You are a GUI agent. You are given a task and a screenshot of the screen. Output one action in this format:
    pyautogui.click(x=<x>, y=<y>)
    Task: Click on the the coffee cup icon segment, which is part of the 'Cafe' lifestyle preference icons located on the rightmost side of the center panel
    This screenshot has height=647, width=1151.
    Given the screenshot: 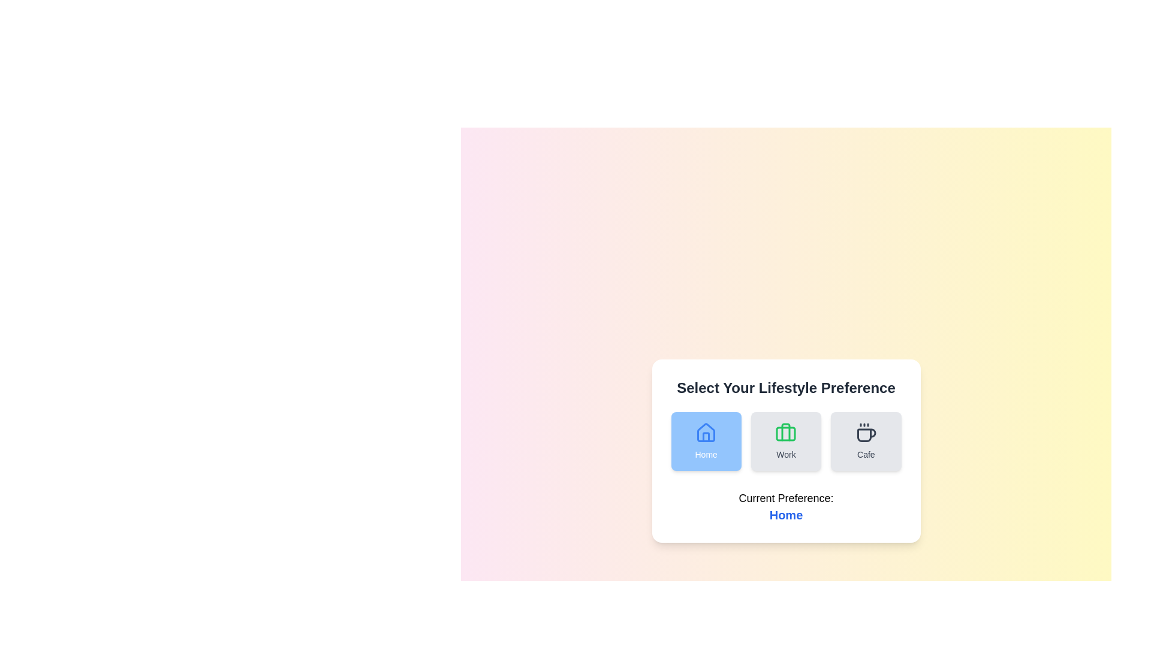 What is the action you would take?
    pyautogui.click(x=866, y=435)
    